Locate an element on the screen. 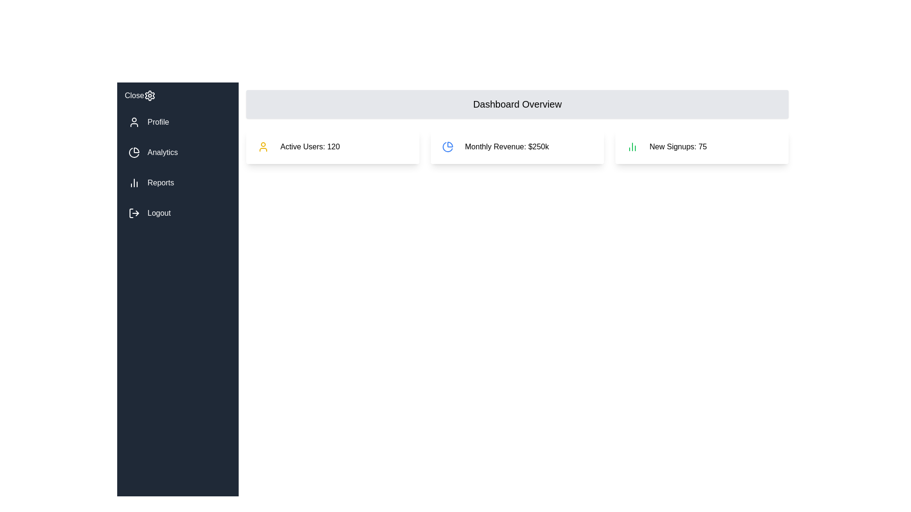 Image resolution: width=911 pixels, height=512 pixels. the Header panel, which serves as the title for the dashboard interface and is positioned above the statistic cards is located at coordinates (517, 104).